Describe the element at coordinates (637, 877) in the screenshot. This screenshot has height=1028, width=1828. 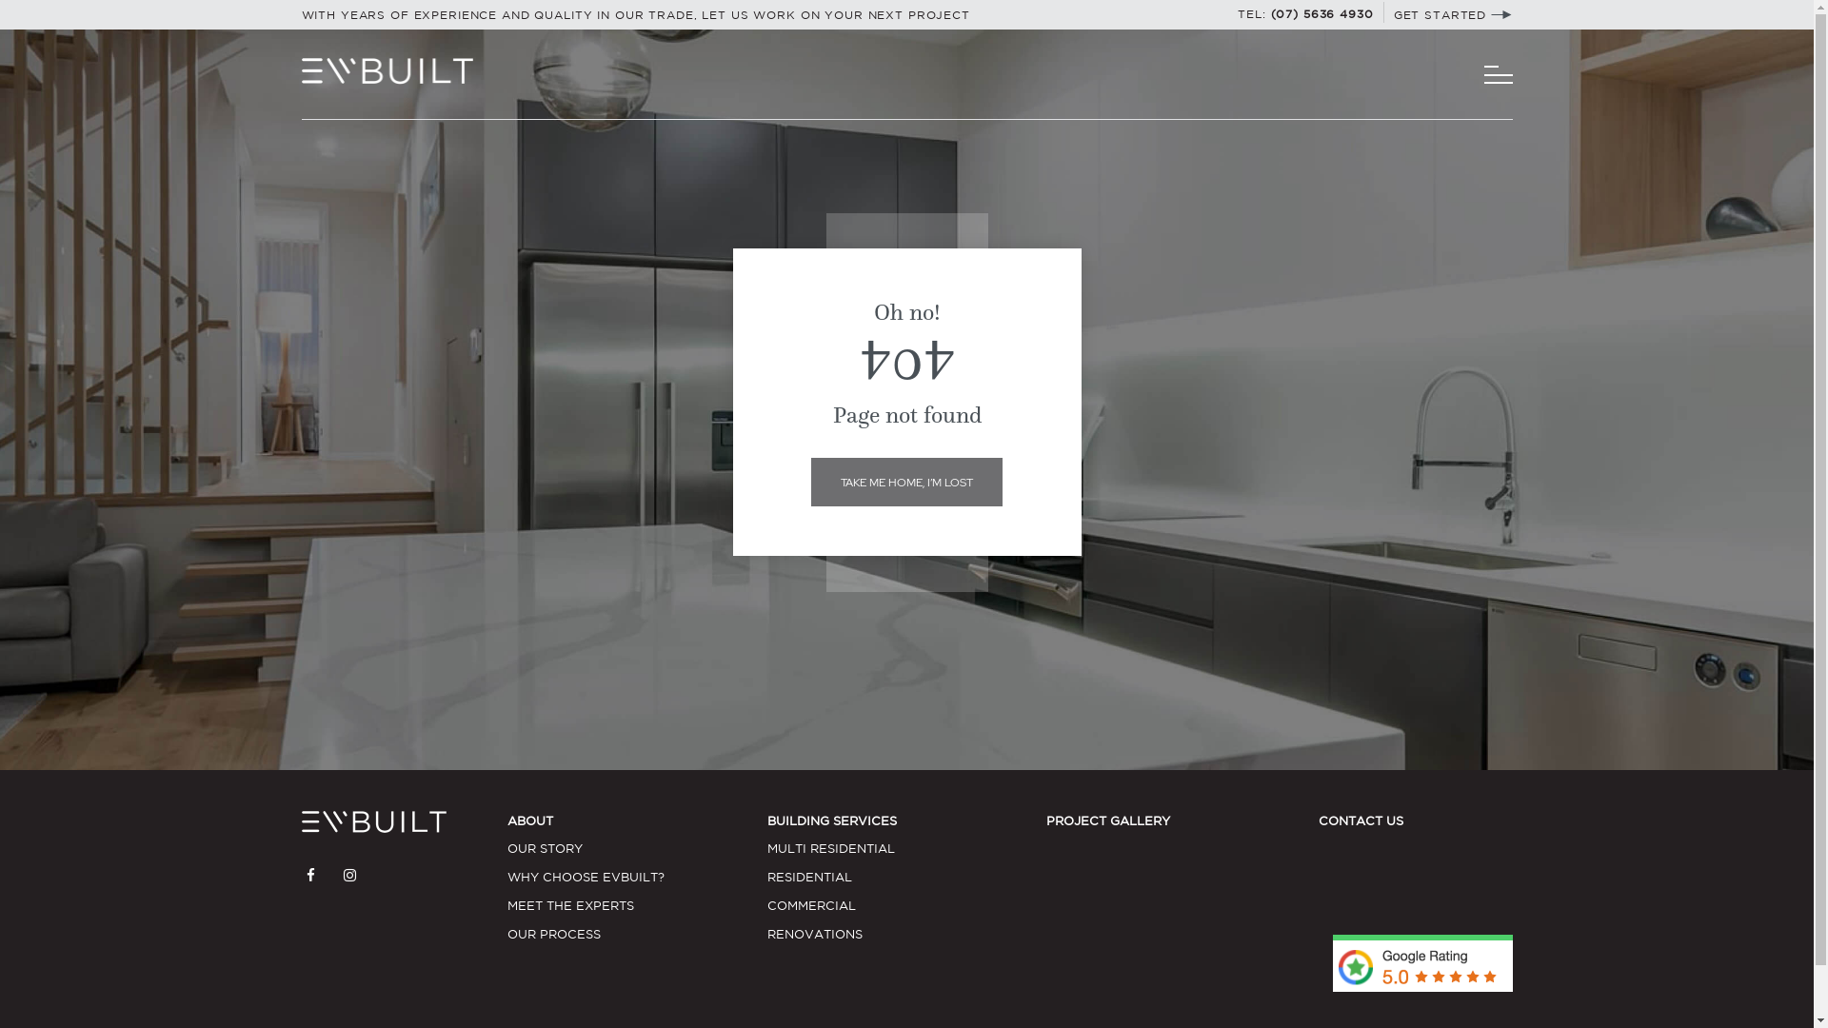
I see `'WHY CHOOSE EVBUILT?'` at that location.